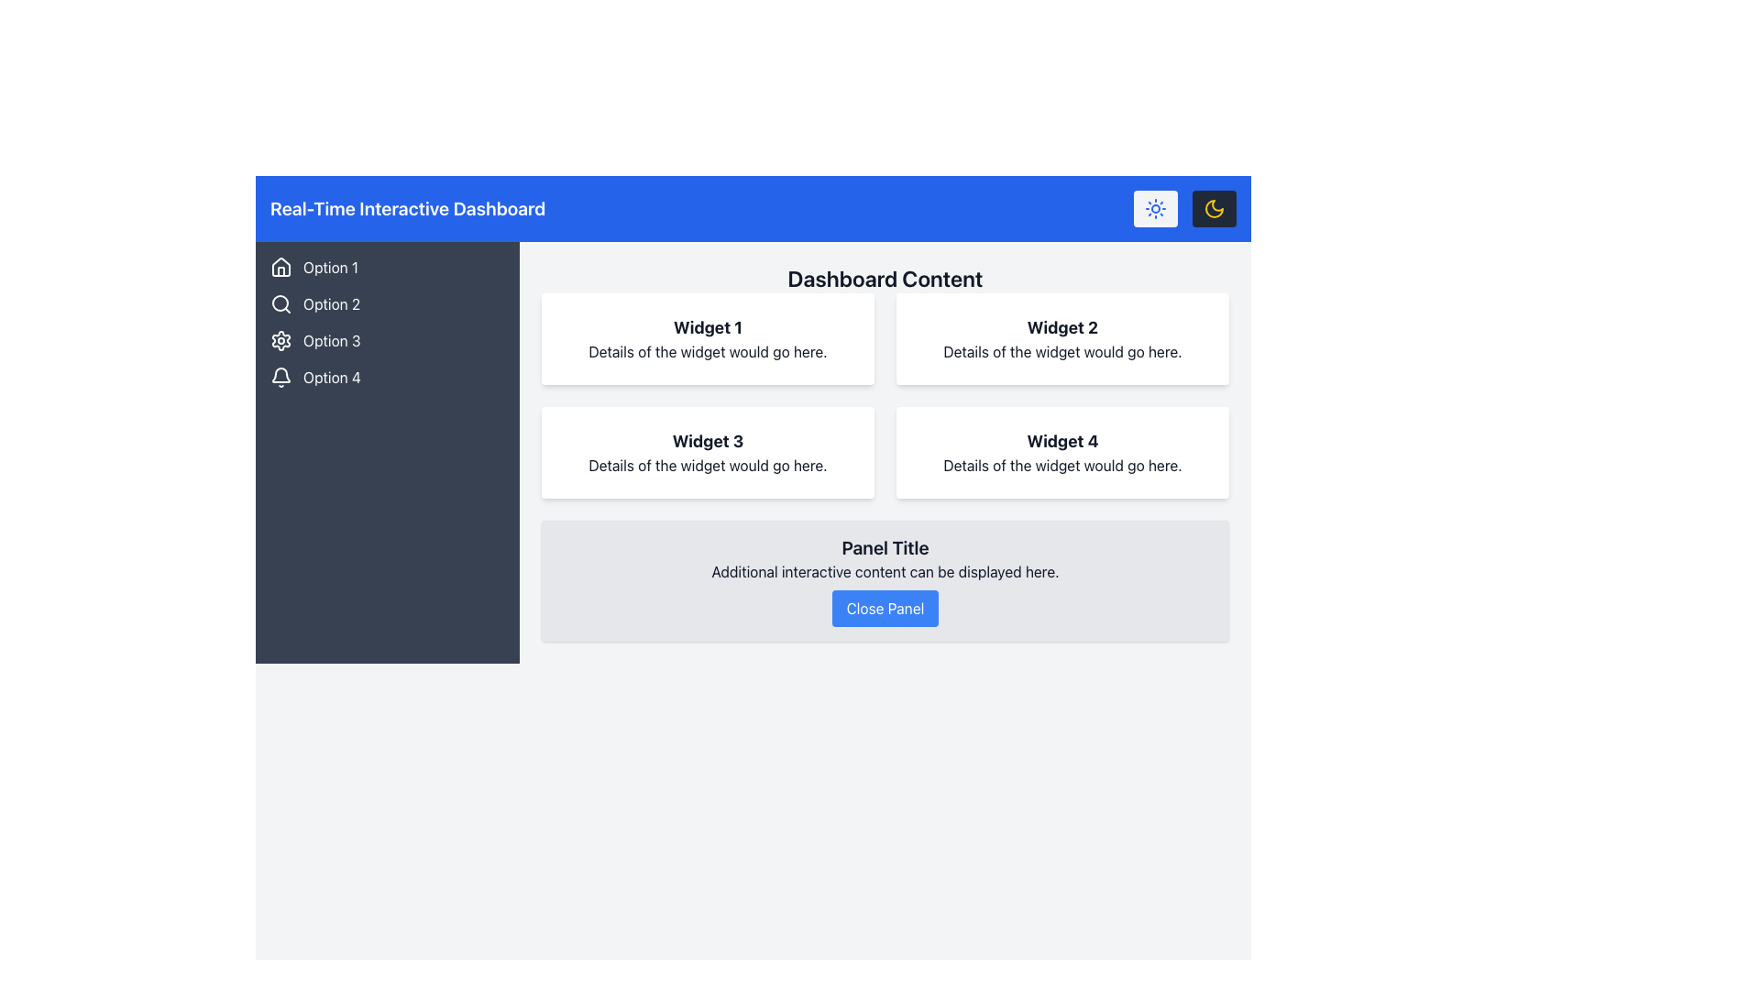 The image size is (1760, 990). I want to click on the magnifying glass icon located next to the 'Option 2' label in the left sidebar, so click(280, 302).